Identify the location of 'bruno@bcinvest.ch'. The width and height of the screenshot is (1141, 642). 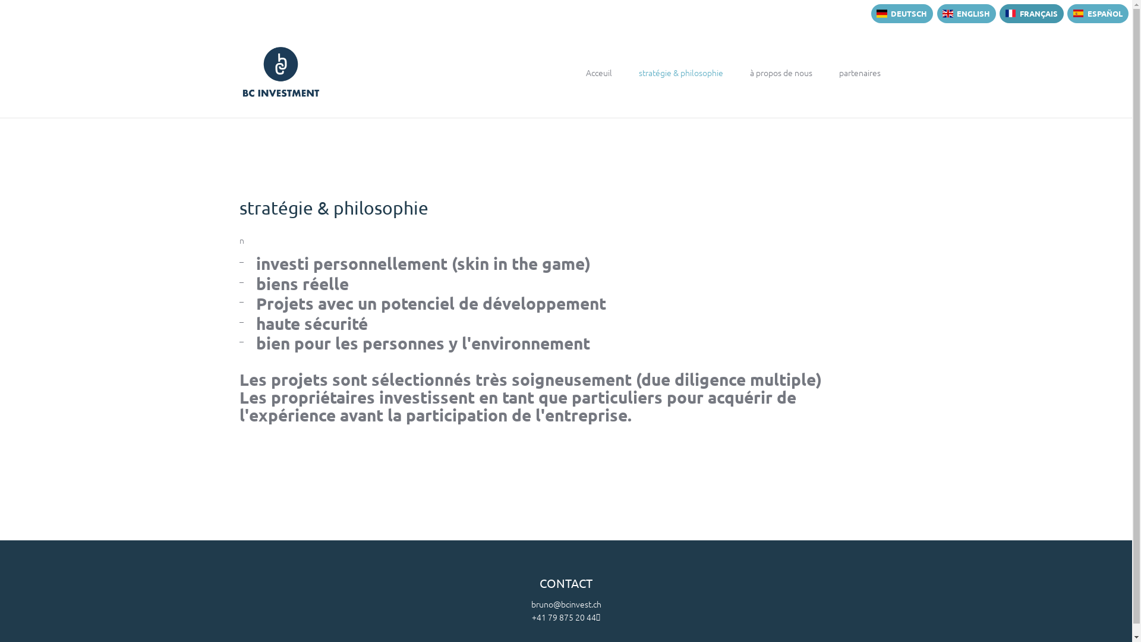
(566, 603).